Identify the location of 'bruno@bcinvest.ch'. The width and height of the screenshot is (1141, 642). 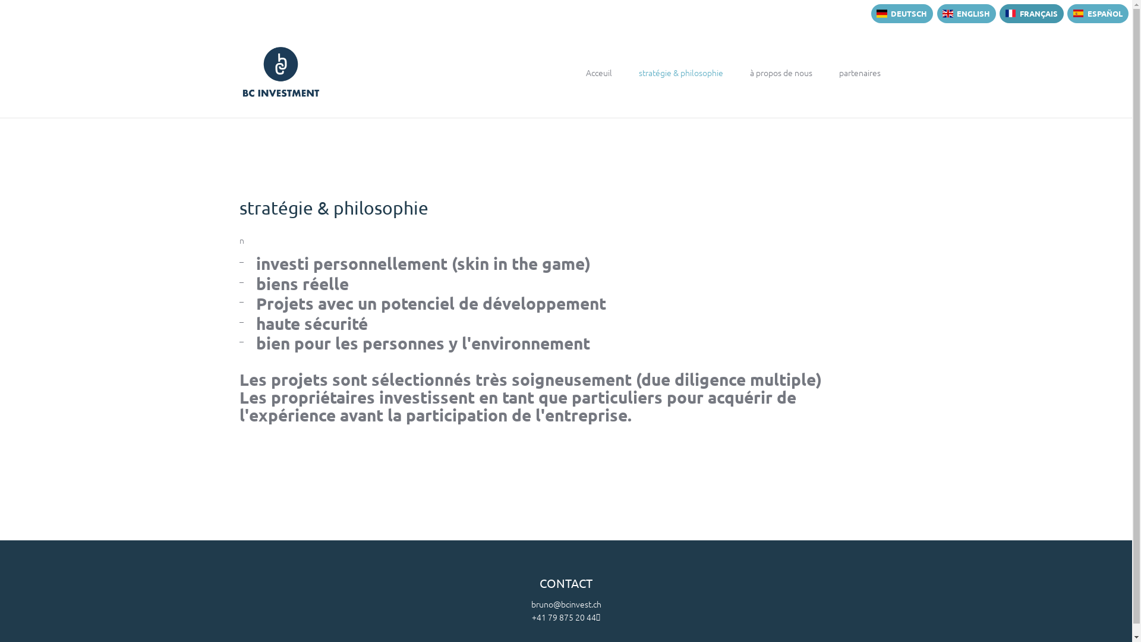
(566, 603).